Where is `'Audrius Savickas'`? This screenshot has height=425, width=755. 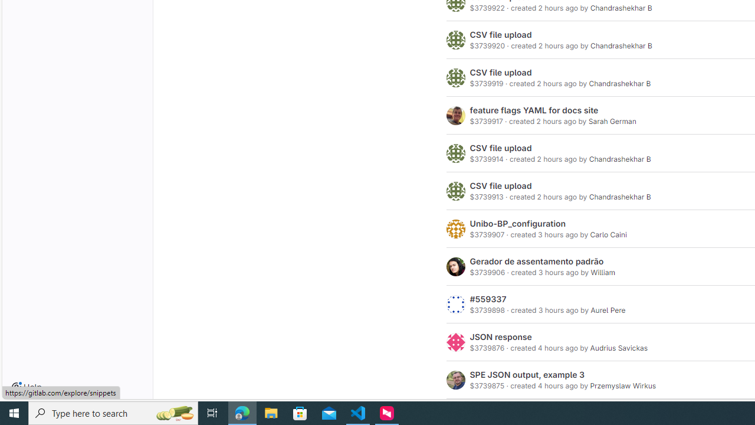 'Audrius Savickas' is located at coordinates (618, 348).